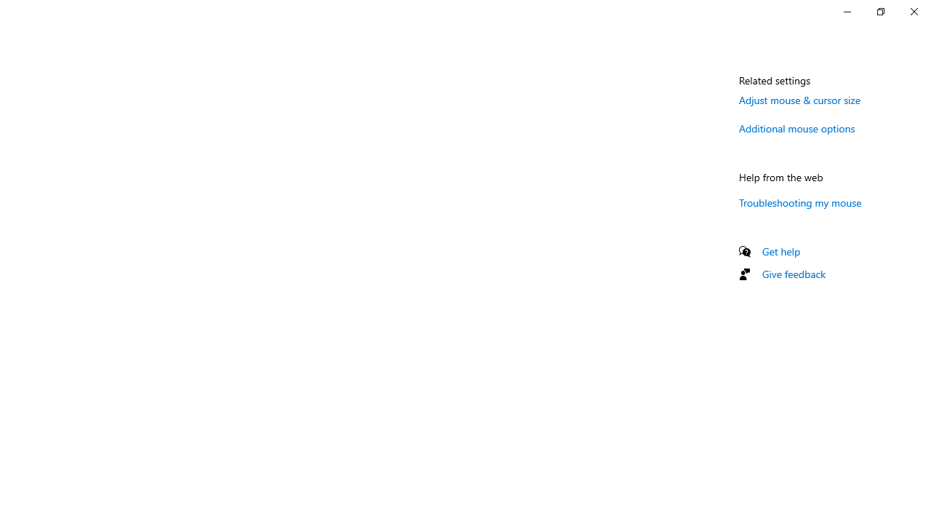 The image size is (931, 524). I want to click on 'Additional mouse options', so click(796, 127).